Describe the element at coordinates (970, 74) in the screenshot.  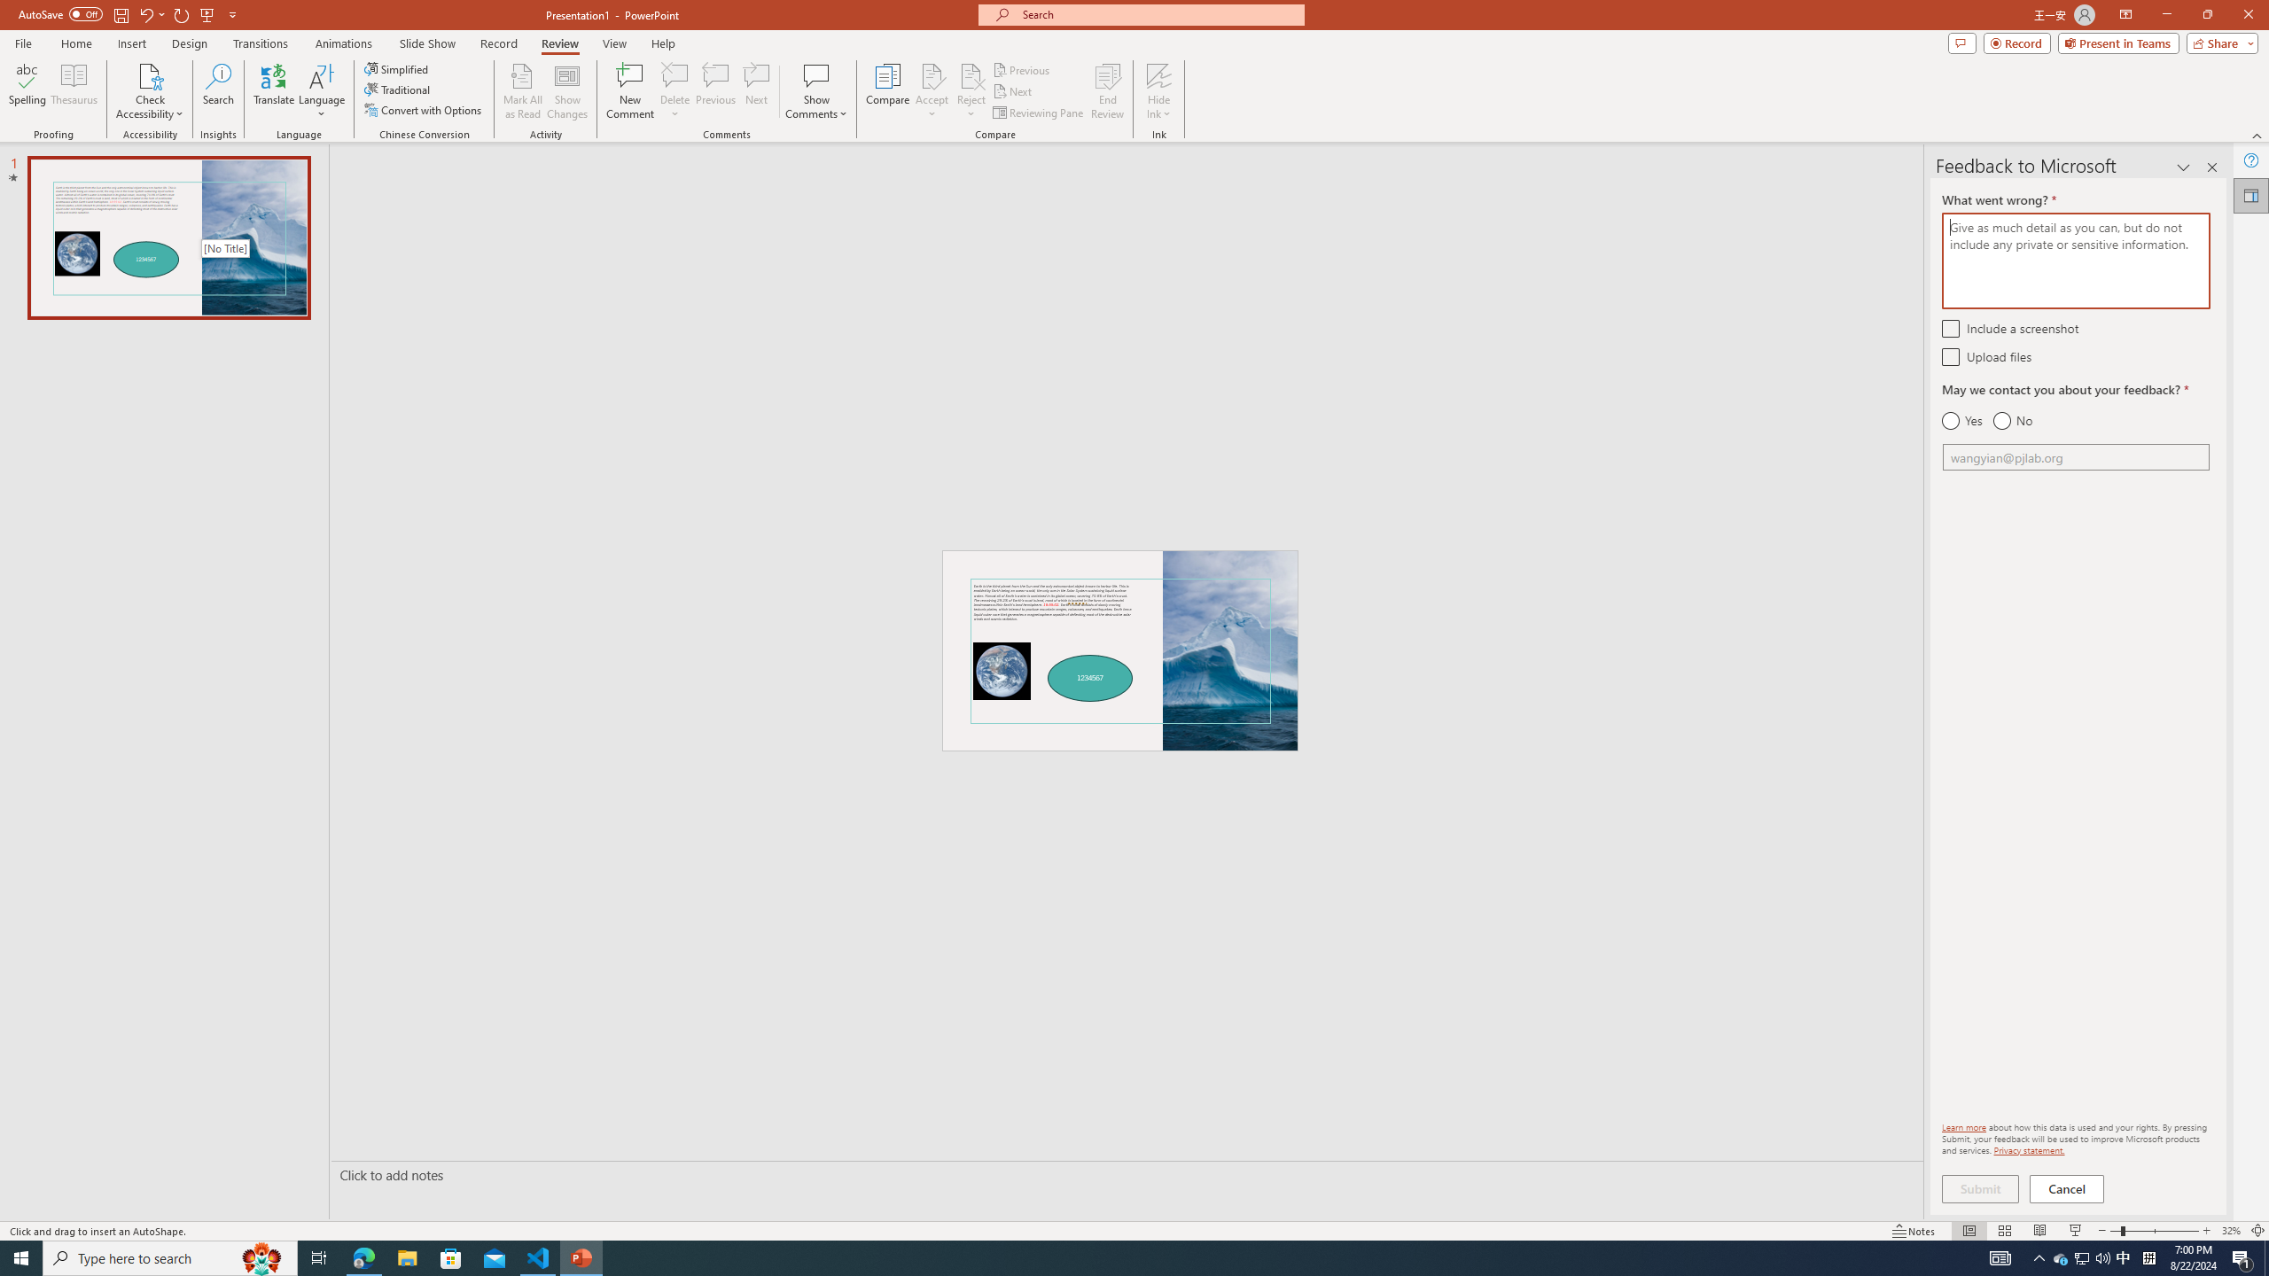
I see `'Reject Change'` at that location.